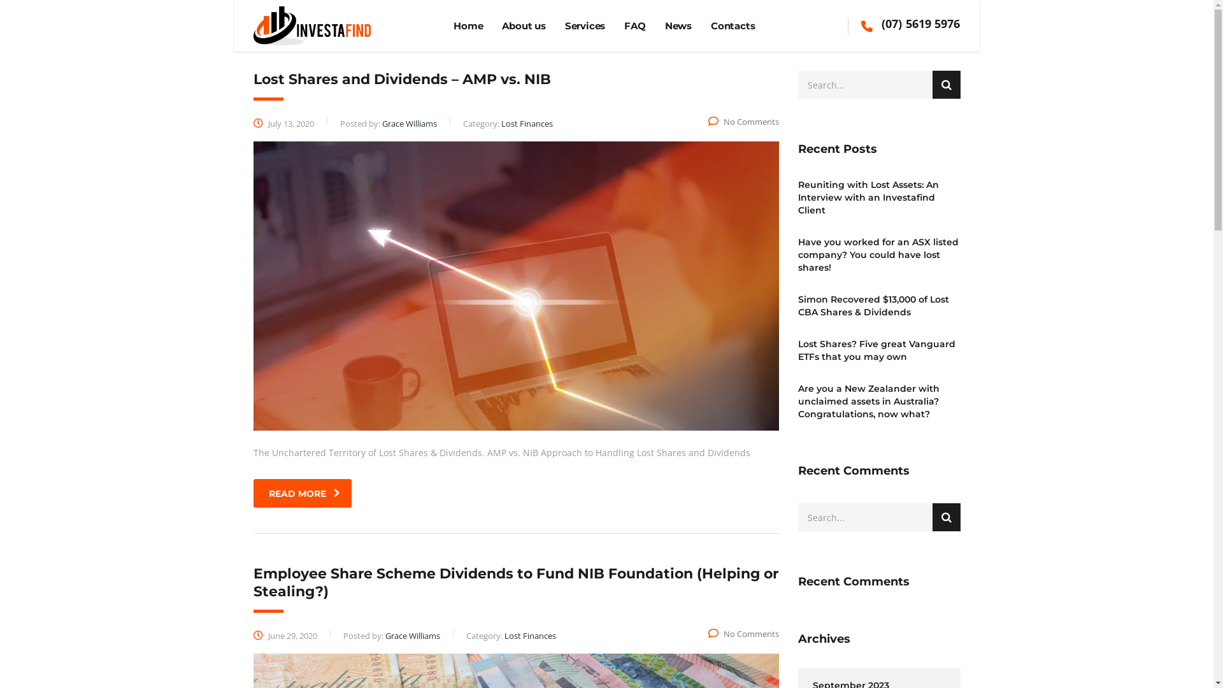 This screenshot has width=1223, height=688. Describe the element at coordinates (878, 350) in the screenshot. I see `'Lost Shares? Five great Vanguard ETFs that you may own'` at that location.